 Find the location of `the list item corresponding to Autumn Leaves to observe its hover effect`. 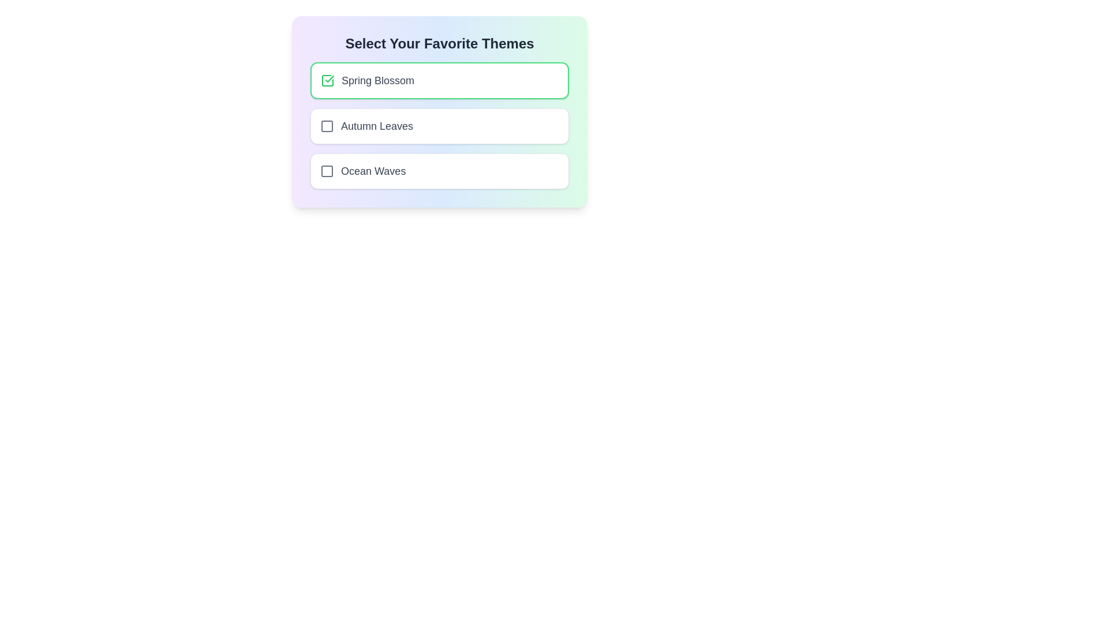

the list item corresponding to Autumn Leaves to observe its hover effect is located at coordinates (439, 126).